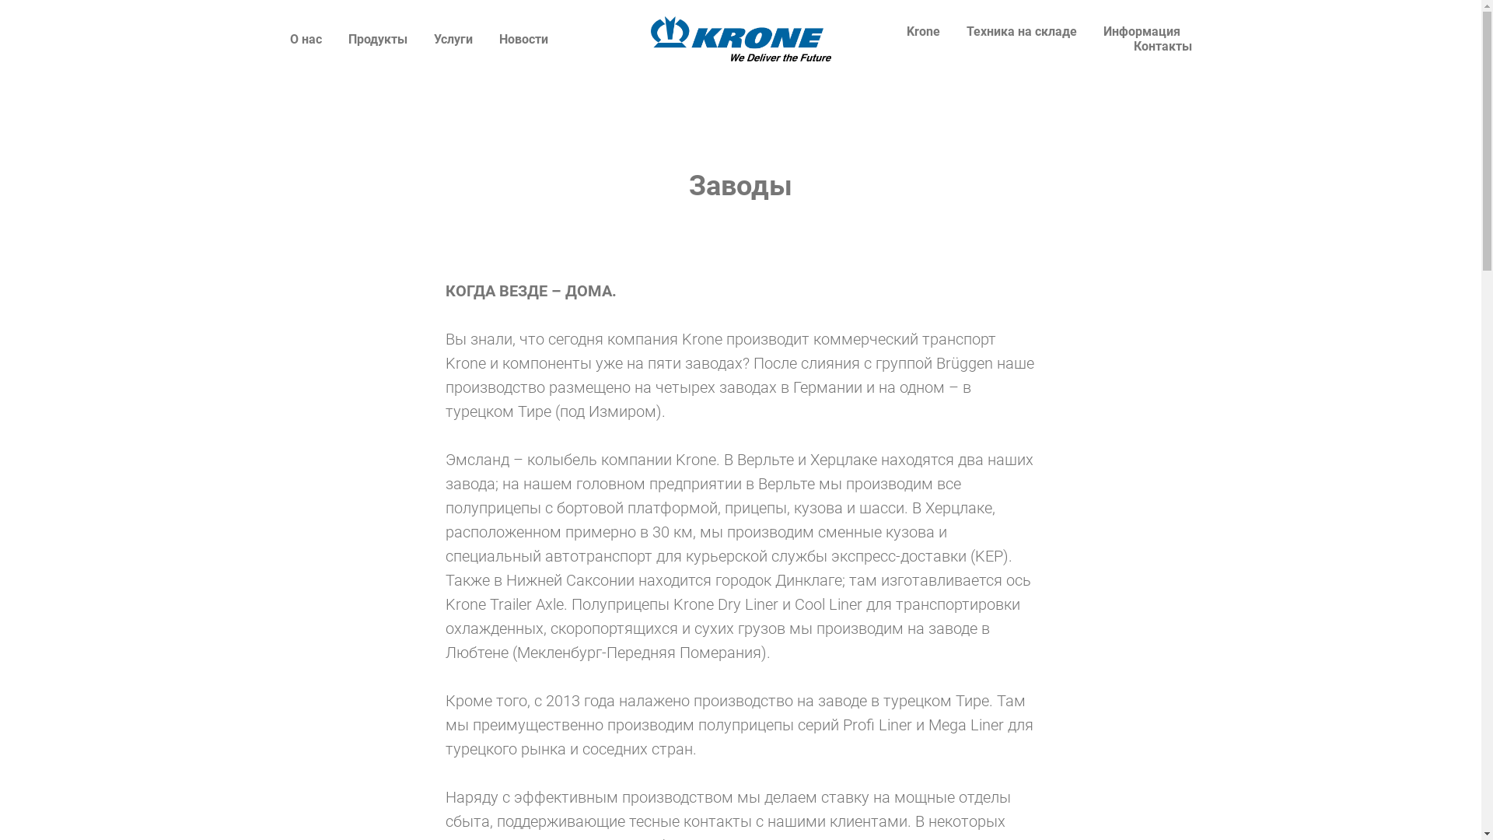  Describe the element at coordinates (907, 31) in the screenshot. I see `'Krone'` at that location.